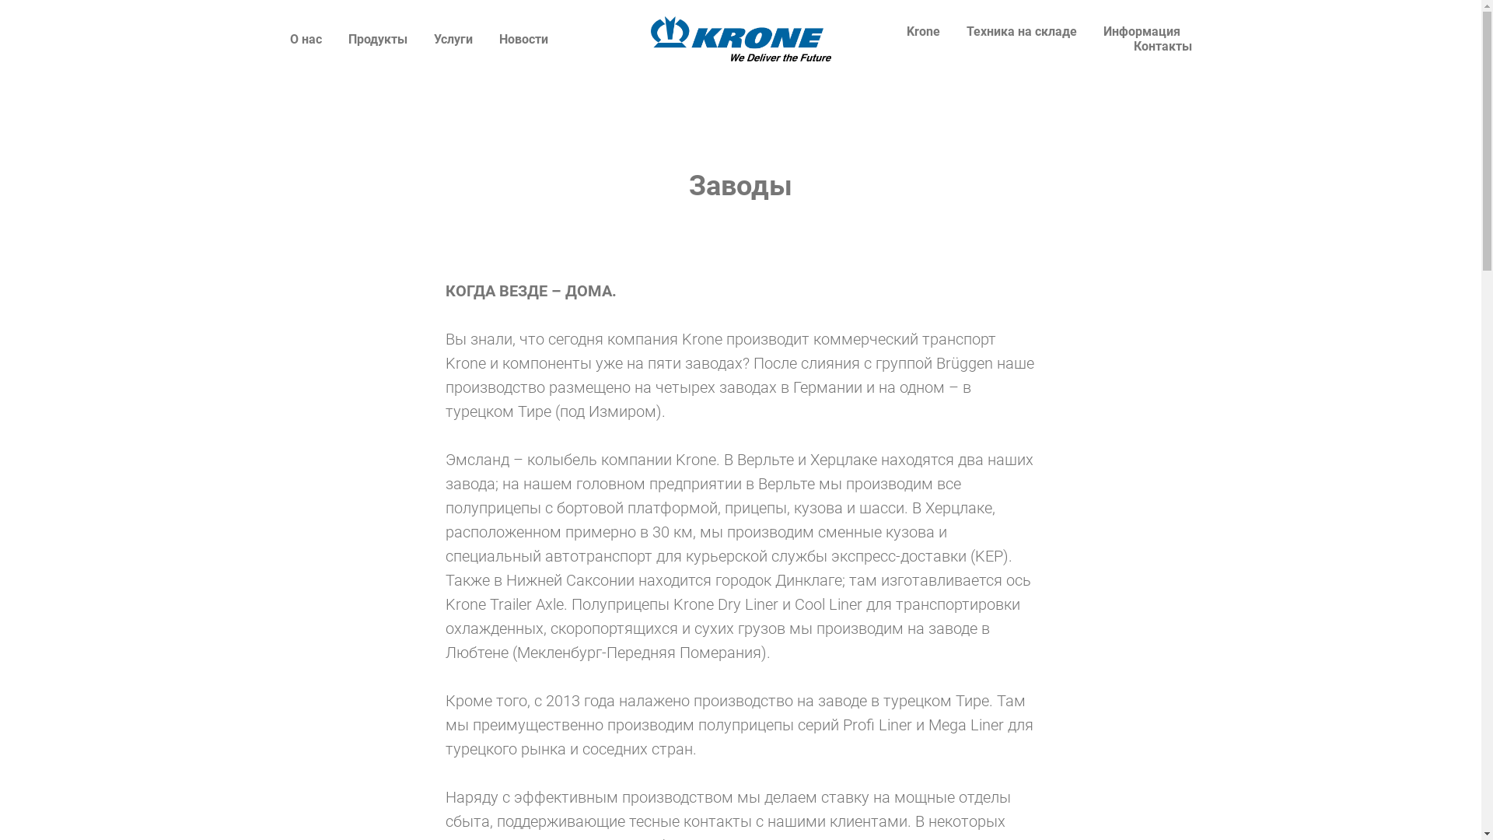  Describe the element at coordinates (907, 31) in the screenshot. I see `'Krone'` at that location.